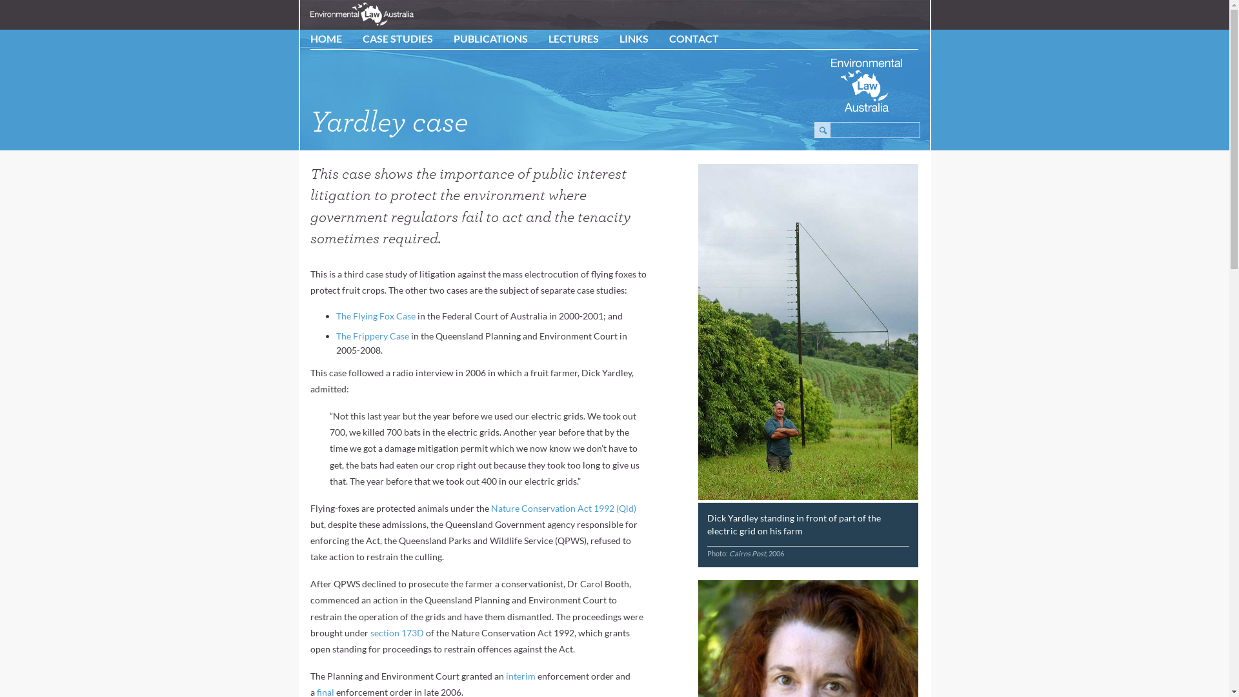 This screenshot has width=1239, height=697. What do you see at coordinates (396, 632) in the screenshot?
I see `'section 173D'` at bounding box center [396, 632].